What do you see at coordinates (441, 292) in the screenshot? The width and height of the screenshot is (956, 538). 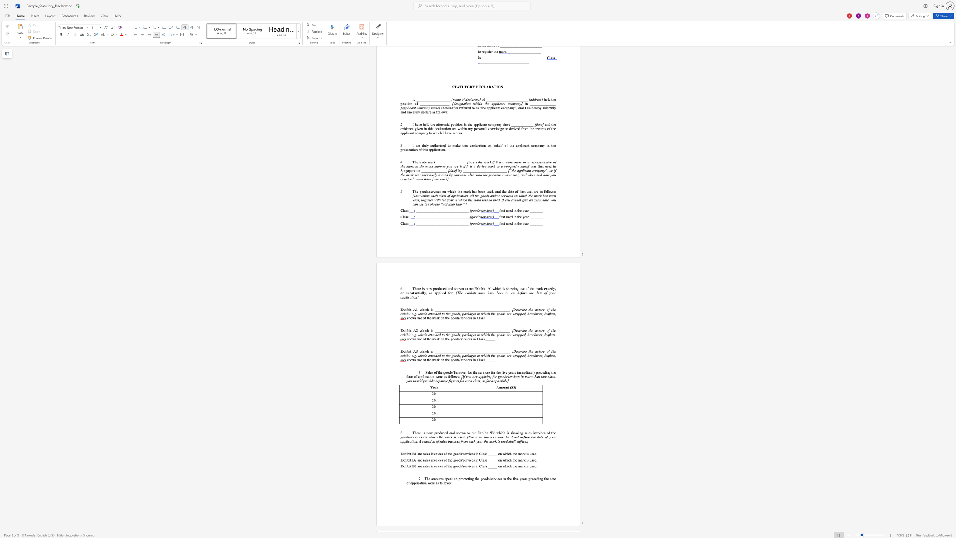 I see `the 1th character "i" in the text` at bounding box center [441, 292].